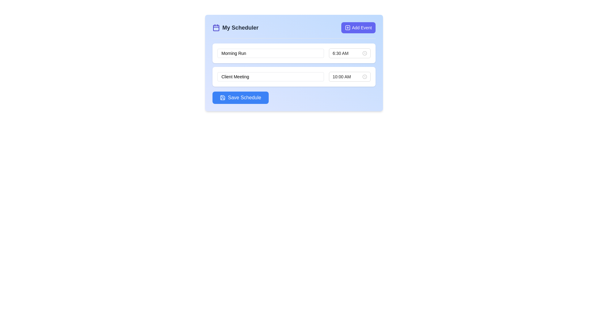 This screenshot has width=593, height=333. I want to click on the button labeled 'Add Event' which is located at the top-right of the visible card interface, so click(362, 27).